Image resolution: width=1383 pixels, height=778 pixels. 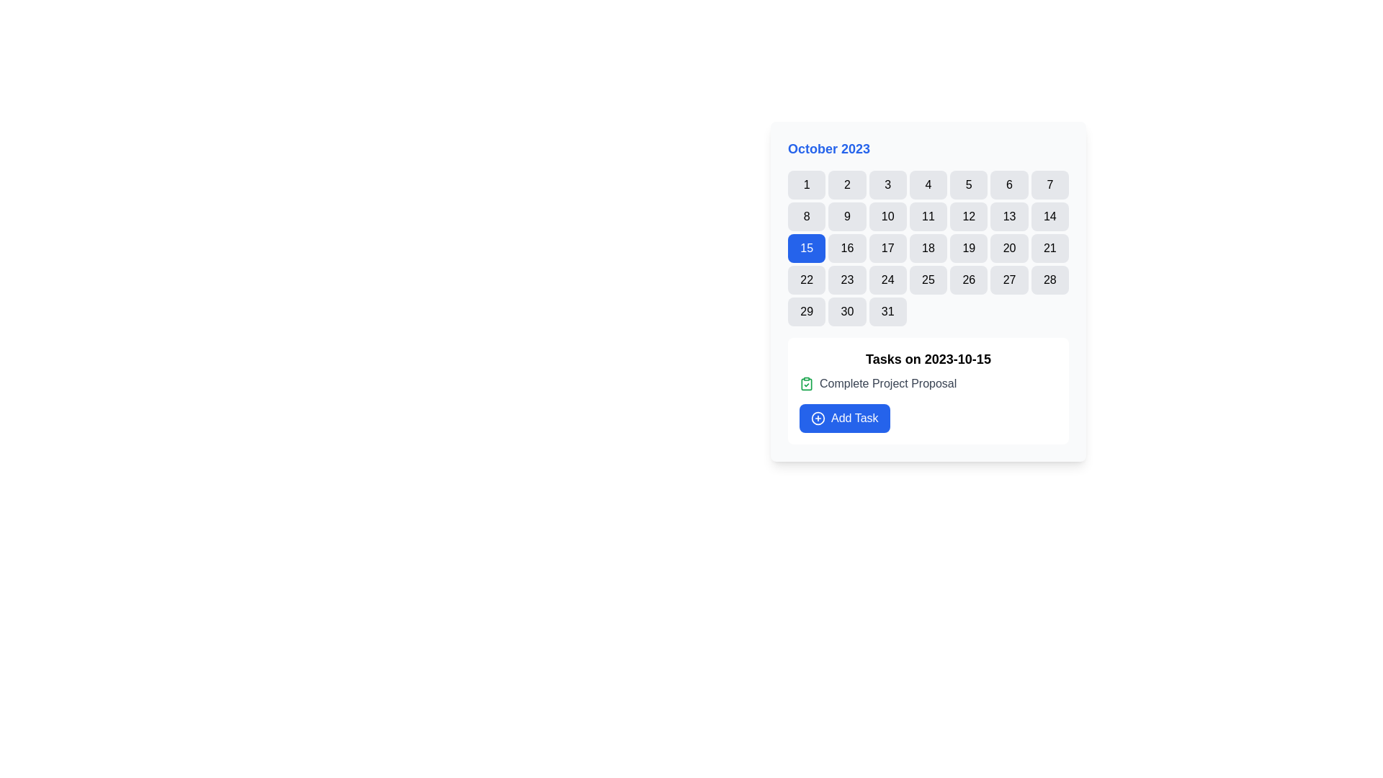 I want to click on the text label within the 'Add Task' button, which serves as a visual indicator for the button's action, so click(x=854, y=419).